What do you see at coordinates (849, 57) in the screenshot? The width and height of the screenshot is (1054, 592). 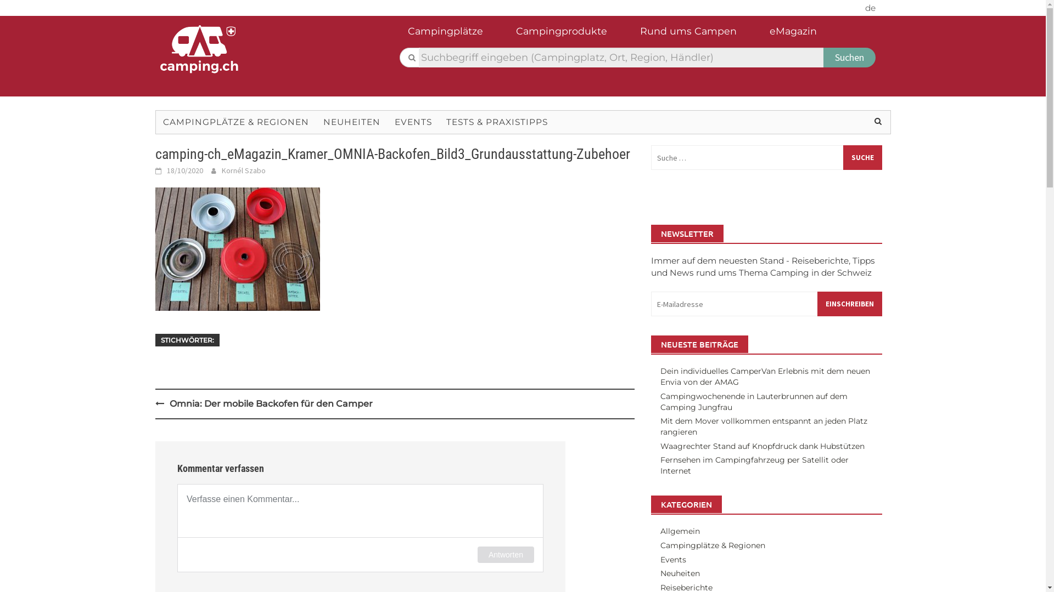 I see `'Suchen'` at bounding box center [849, 57].